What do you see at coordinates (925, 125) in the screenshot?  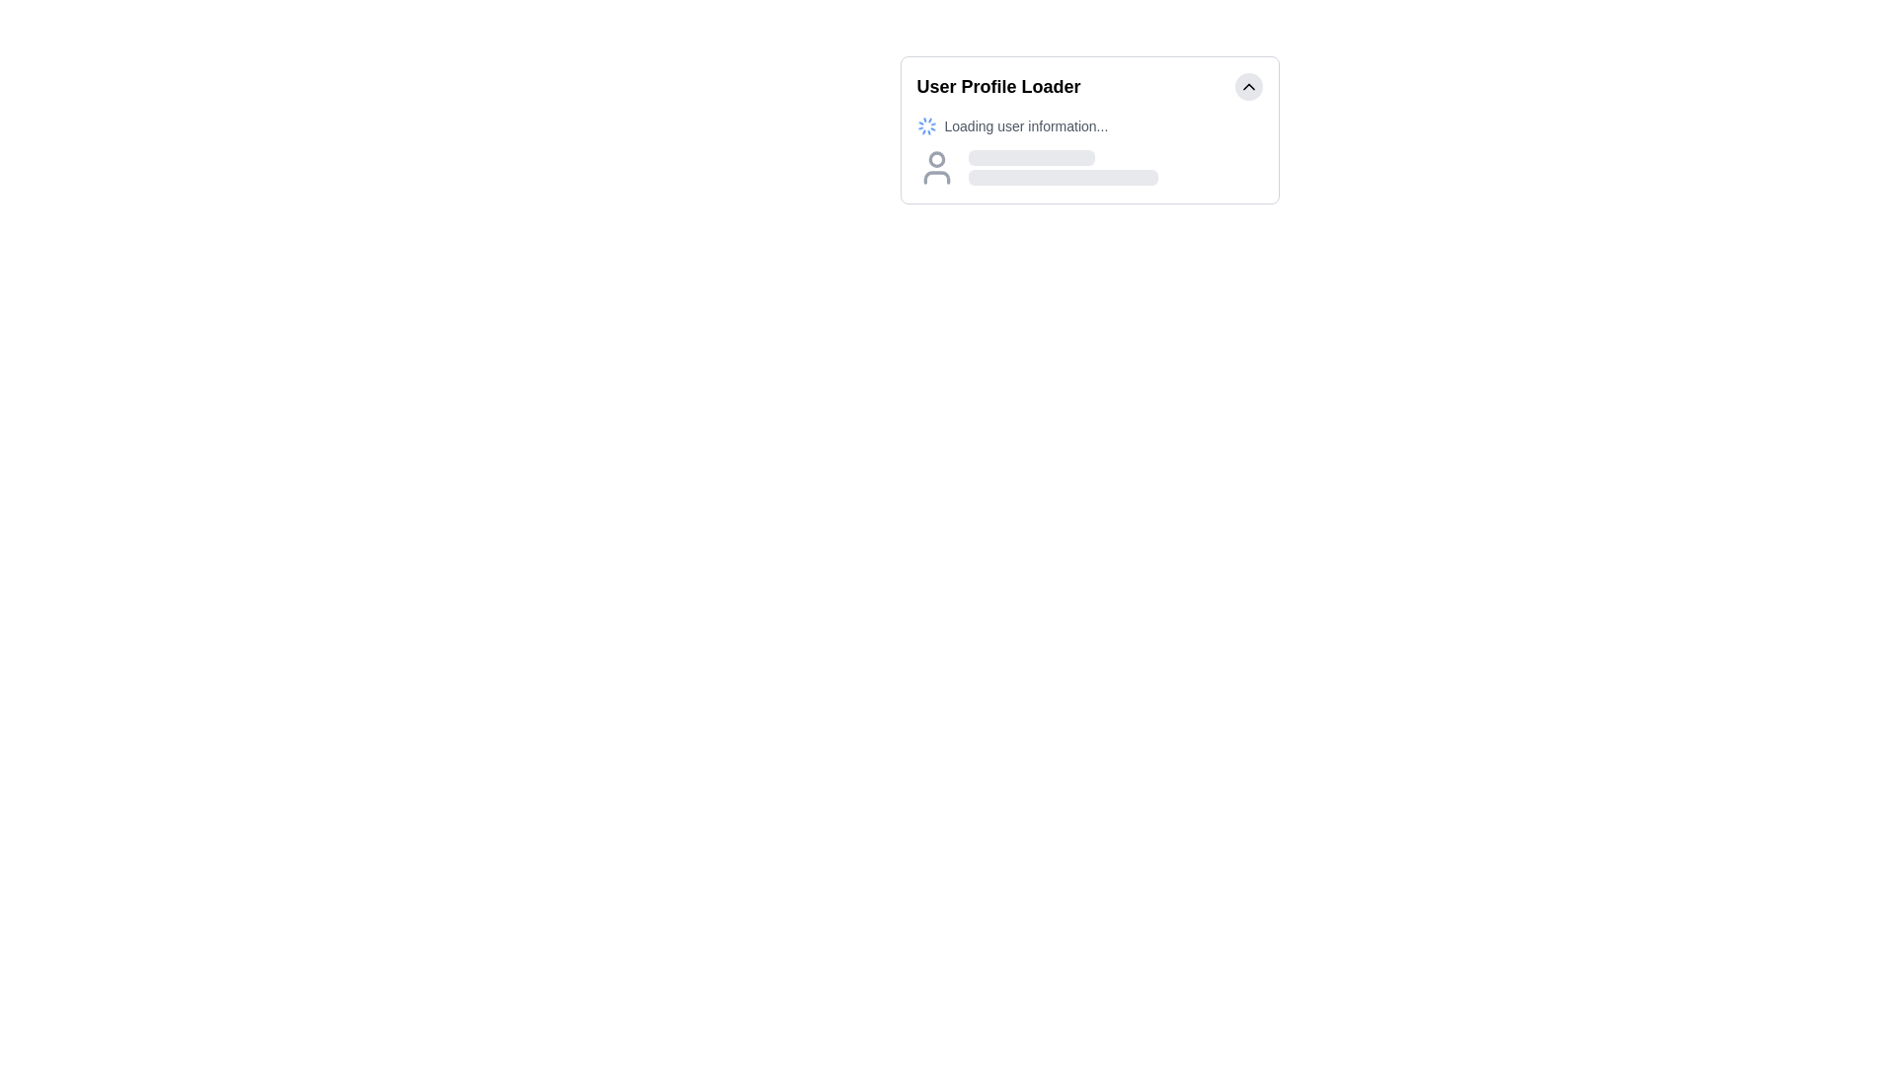 I see `the loading icon located in the top-left corner of the 'User Profile Loader' card, next to the text 'Loading user information...'` at bounding box center [925, 125].